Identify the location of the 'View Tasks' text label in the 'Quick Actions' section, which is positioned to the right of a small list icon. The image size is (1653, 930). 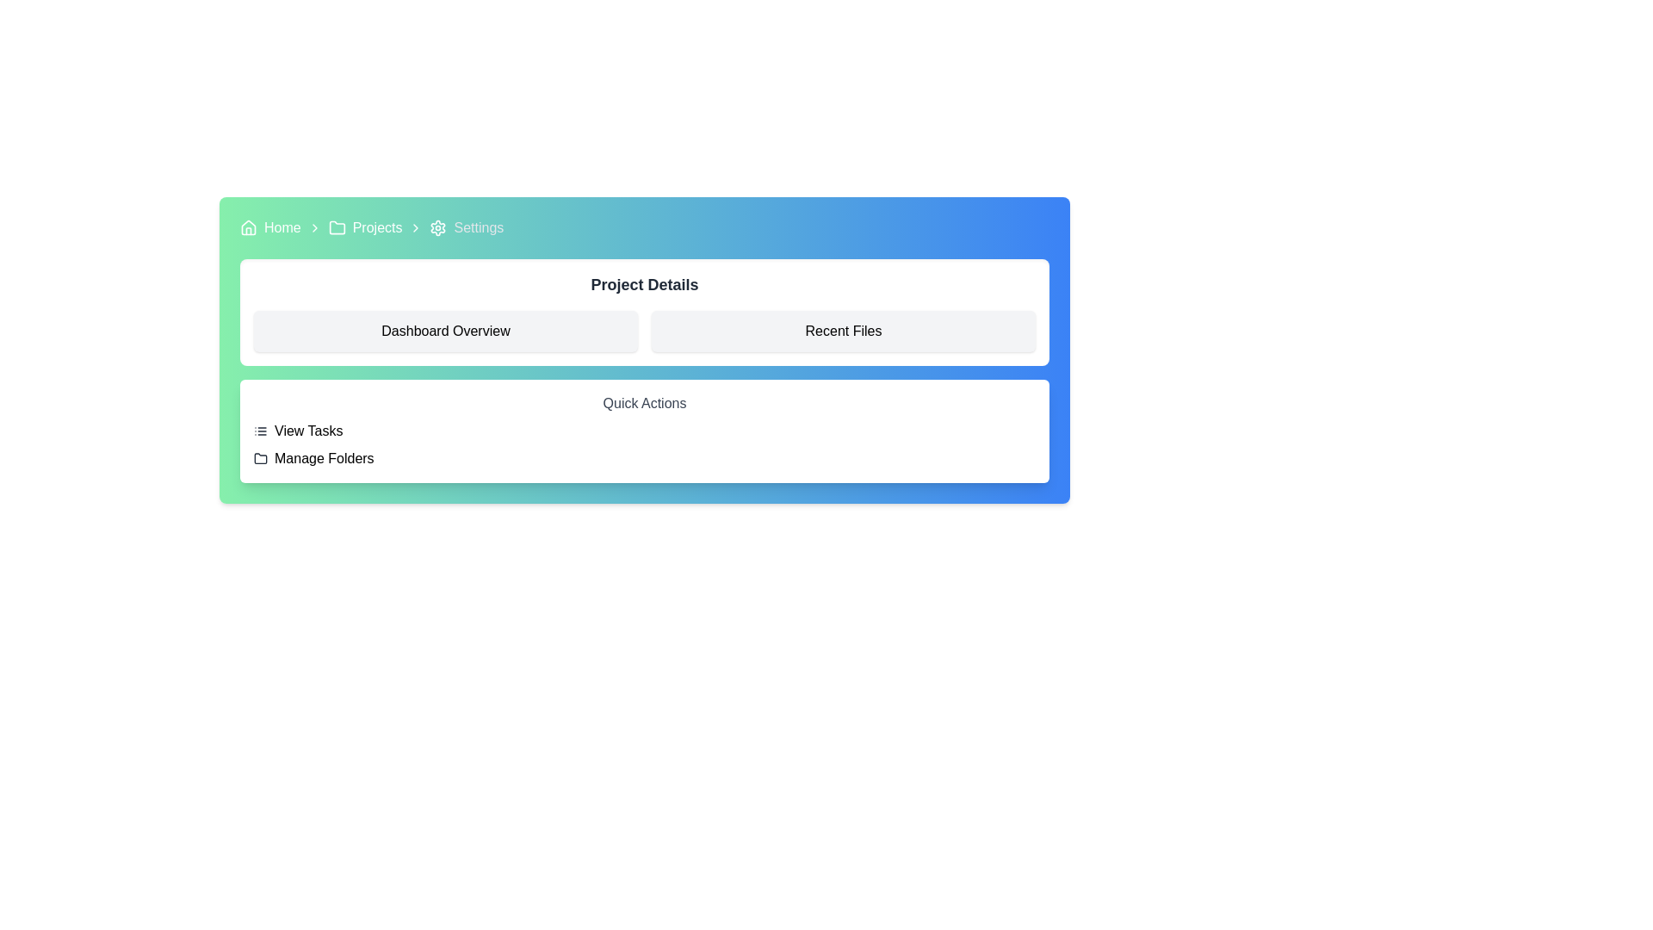
(308, 431).